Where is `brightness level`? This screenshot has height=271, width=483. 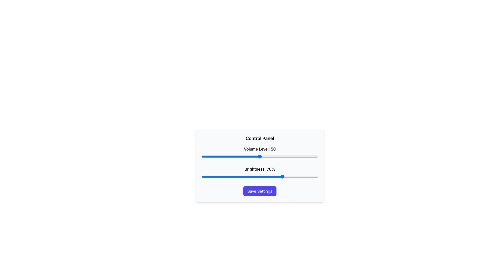
brightness level is located at coordinates (208, 176).